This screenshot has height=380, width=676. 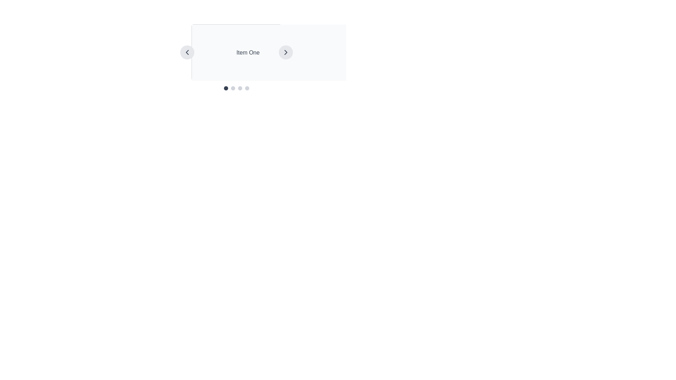 What do you see at coordinates (236, 57) in the screenshot?
I see `the text label displaying the title of the currently selected item in the carousel to focus` at bounding box center [236, 57].